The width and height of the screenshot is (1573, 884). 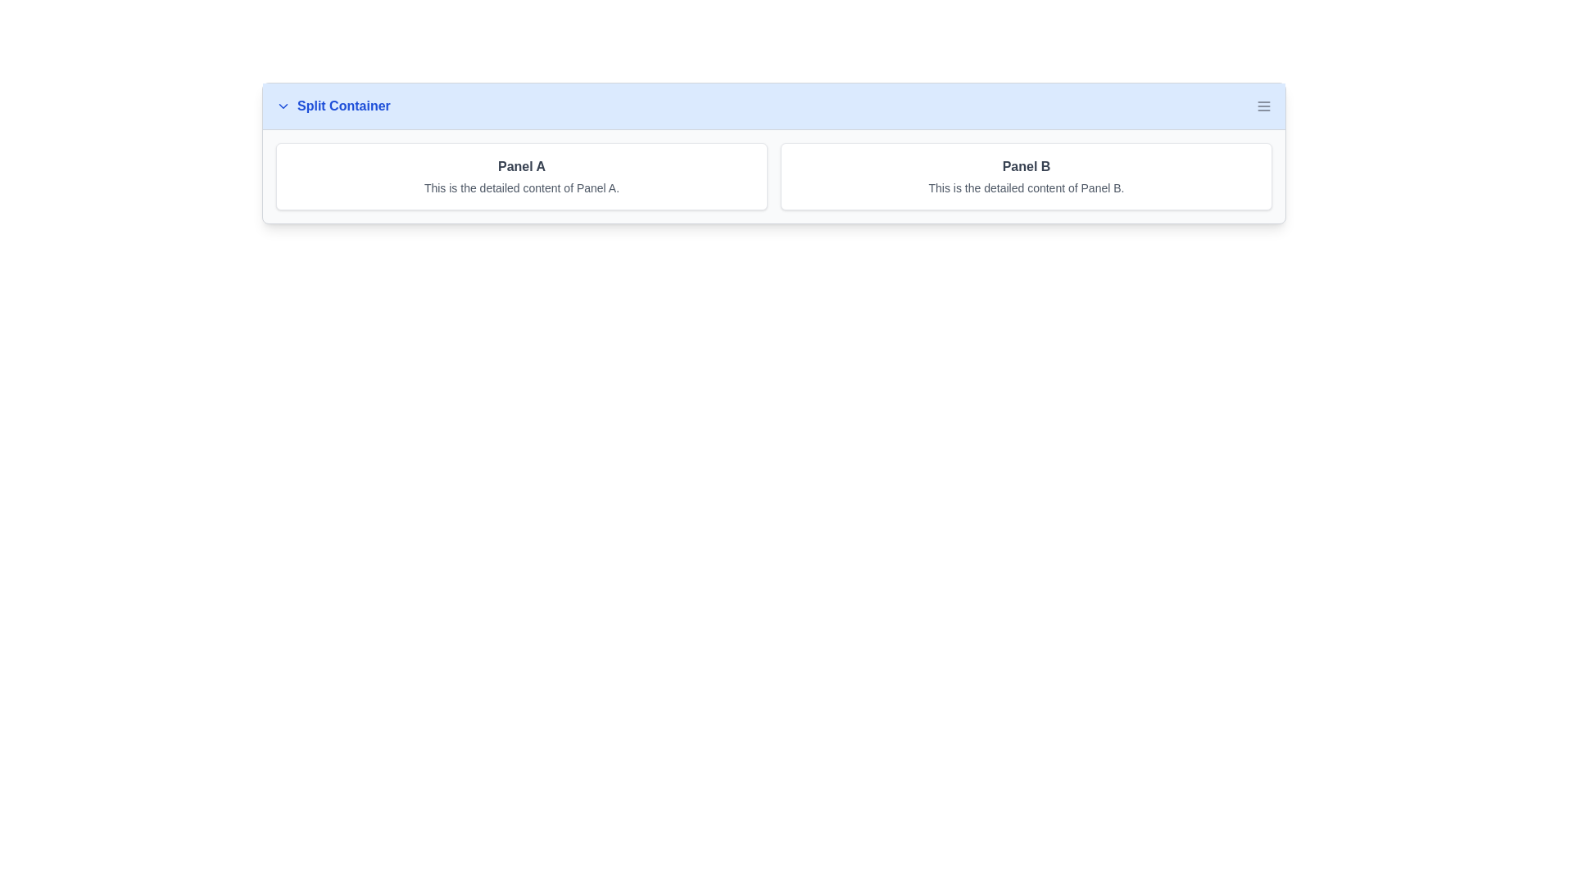 I want to click on the text display element that shows 'This is the detailed content of Panel B.' located below the header 'Panel B.', so click(x=1025, y=187).